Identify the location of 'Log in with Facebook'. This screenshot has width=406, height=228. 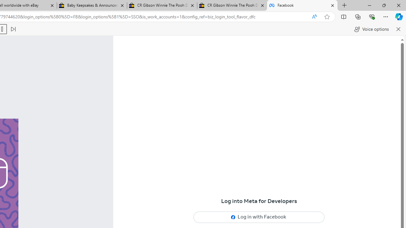
(259, 217).